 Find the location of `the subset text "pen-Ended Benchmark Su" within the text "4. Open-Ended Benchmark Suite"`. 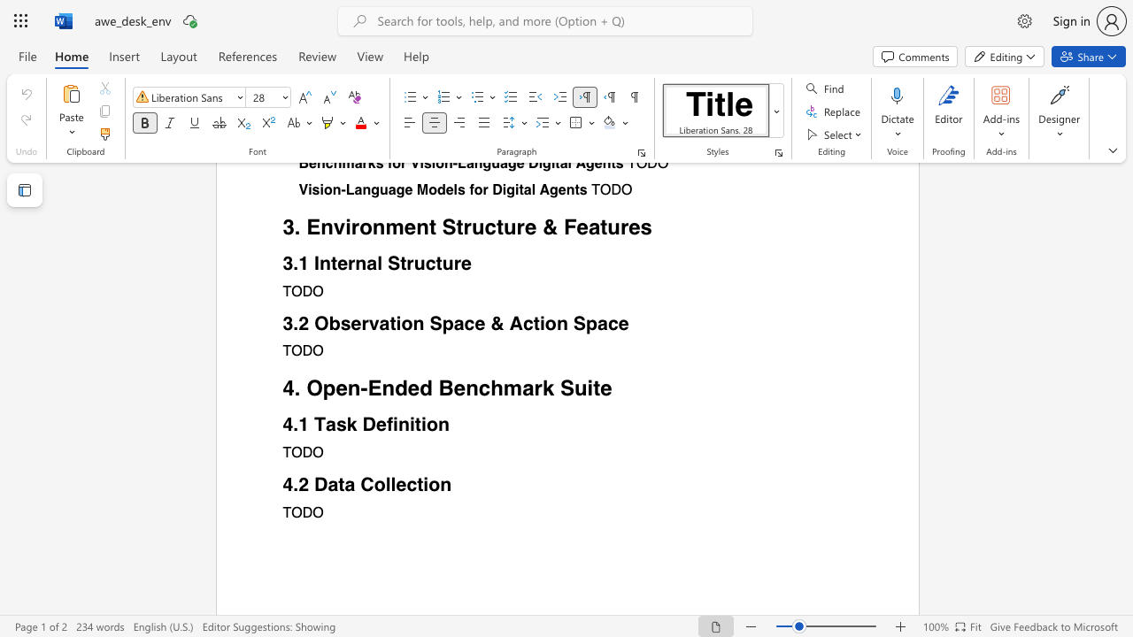

the subset text "pen-Ended Benchmark Su" within the text "4. Open-Ended Benchmark Suite" is located at coordinates (322, 388).